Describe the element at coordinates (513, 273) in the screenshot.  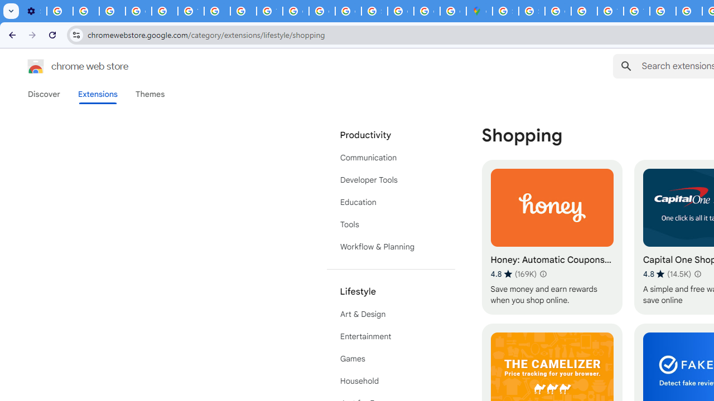
I see `'Average rating 4.8 out of 5 stars. 169K ratings.'` at that location.